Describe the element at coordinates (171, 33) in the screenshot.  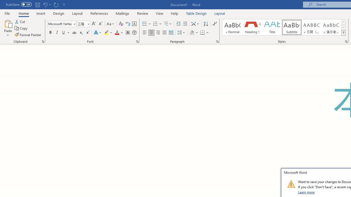
I see `'Distributed'` at that location.